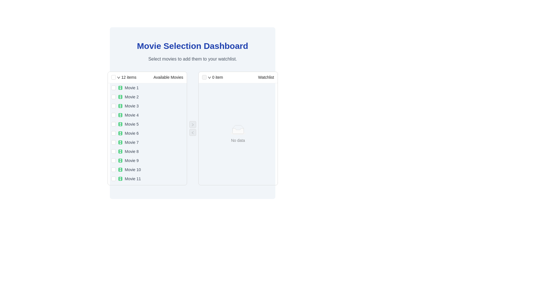 The width and height of the screenshot is (545, 307). Describe the element at coordinates (147, 178) in the screenshot. I see `the checkbox associated with the List Item representing 'Movie 11'` at that location.